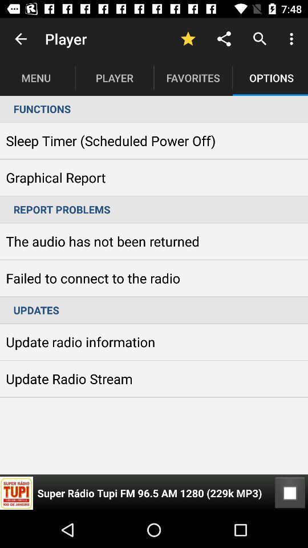 This screenshot has height=548, width=308. What do you see at coordinates (290, 493) in the screenshot?
I see `the item at the bottom right corner` at bounding box center [290, 493].